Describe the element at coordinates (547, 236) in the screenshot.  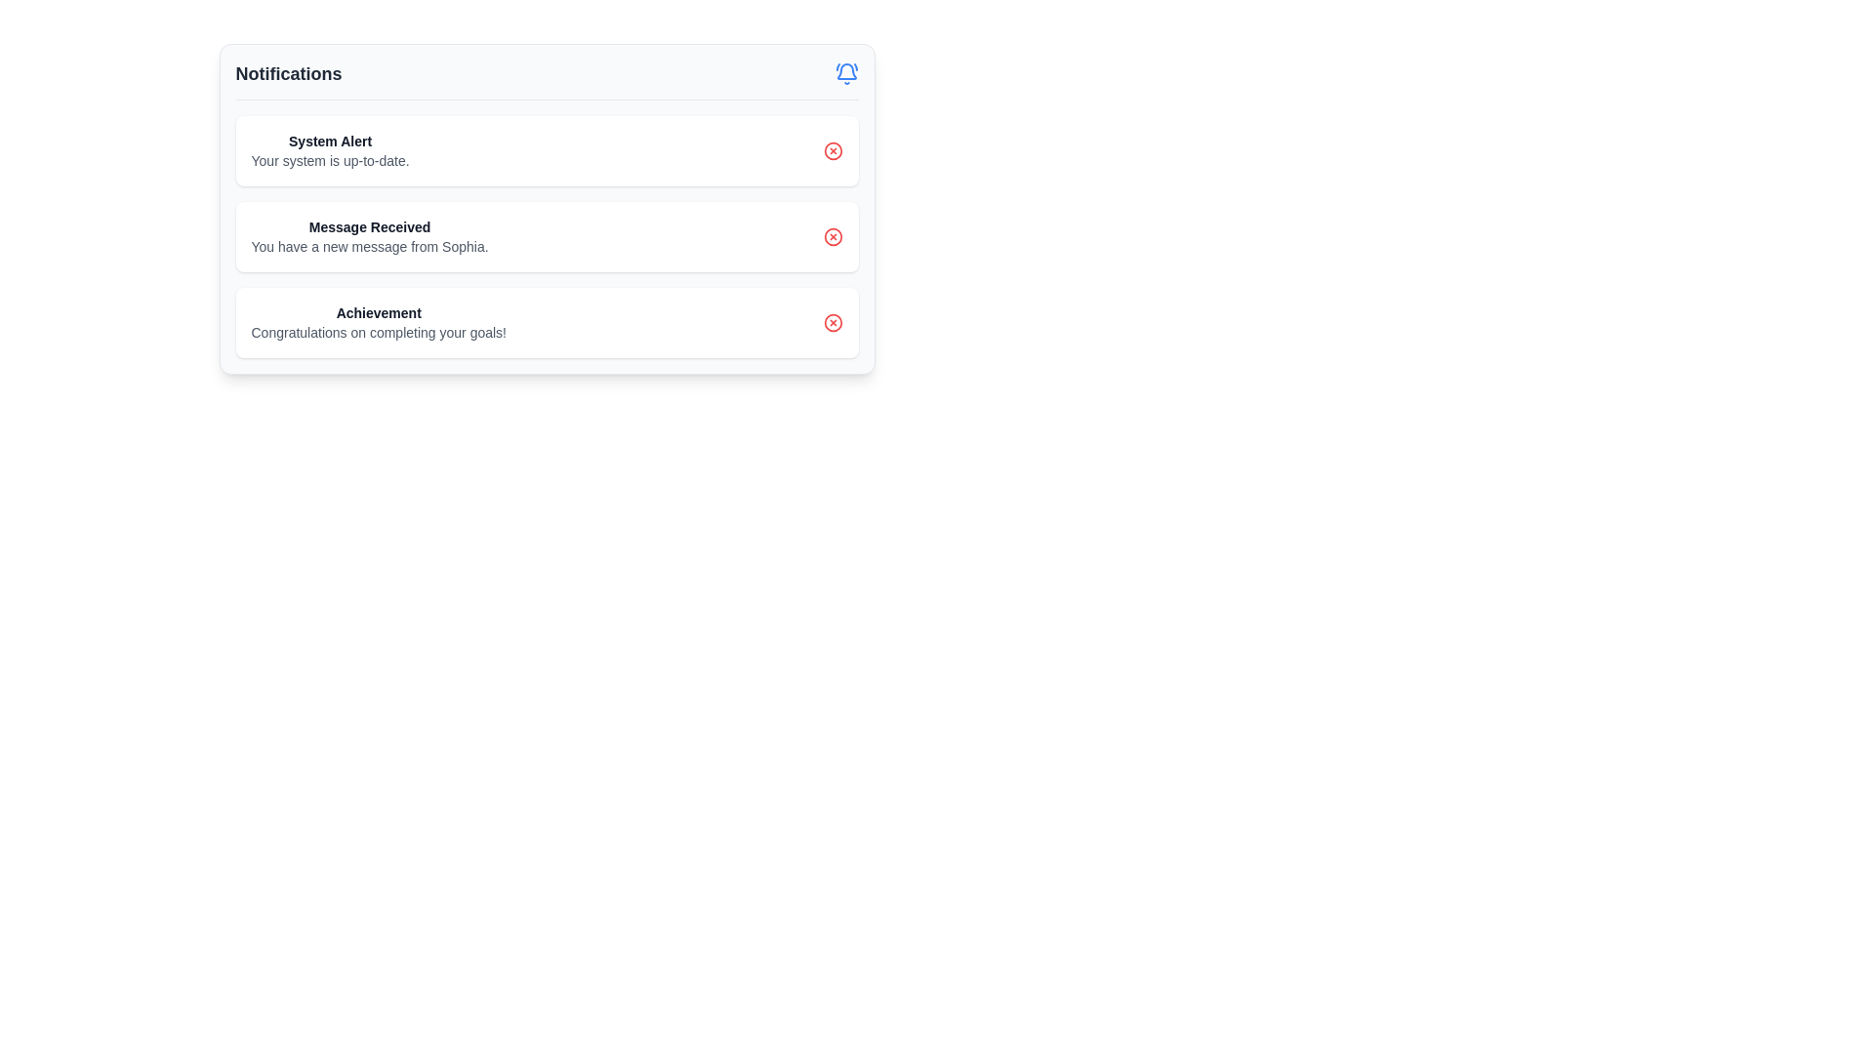
I see `the Notification Card that contains a message from Sophia` at that location.